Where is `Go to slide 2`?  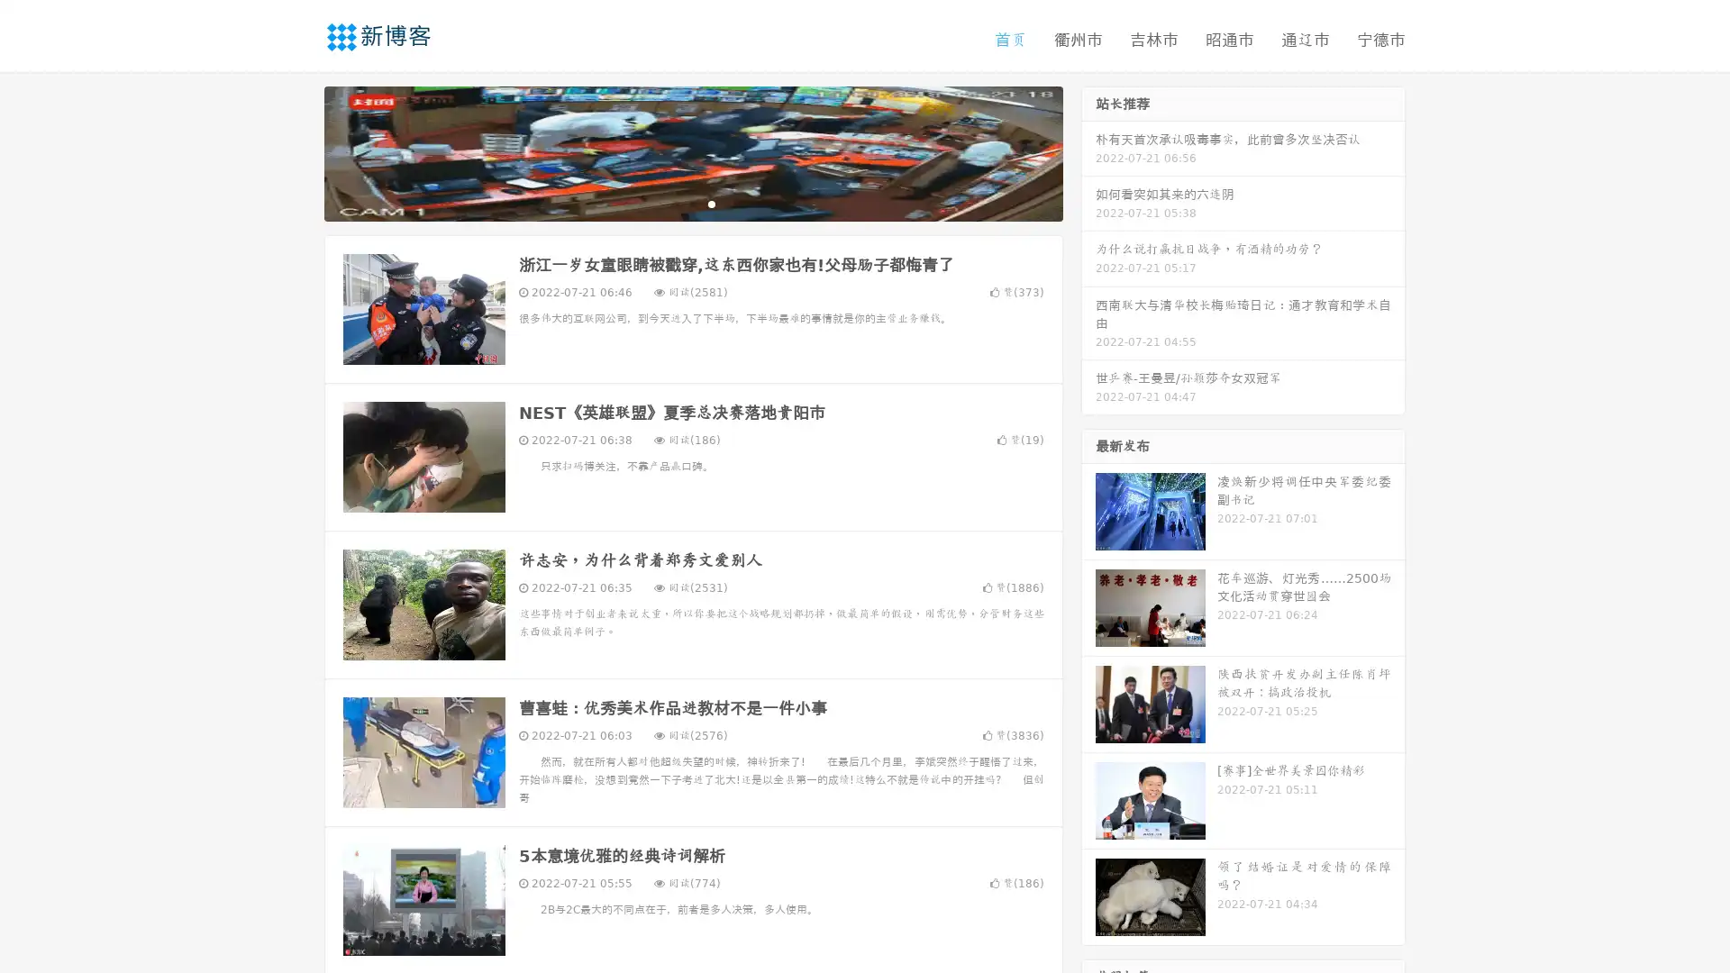 Go to slide 2 is located at coordinates (692, 203).